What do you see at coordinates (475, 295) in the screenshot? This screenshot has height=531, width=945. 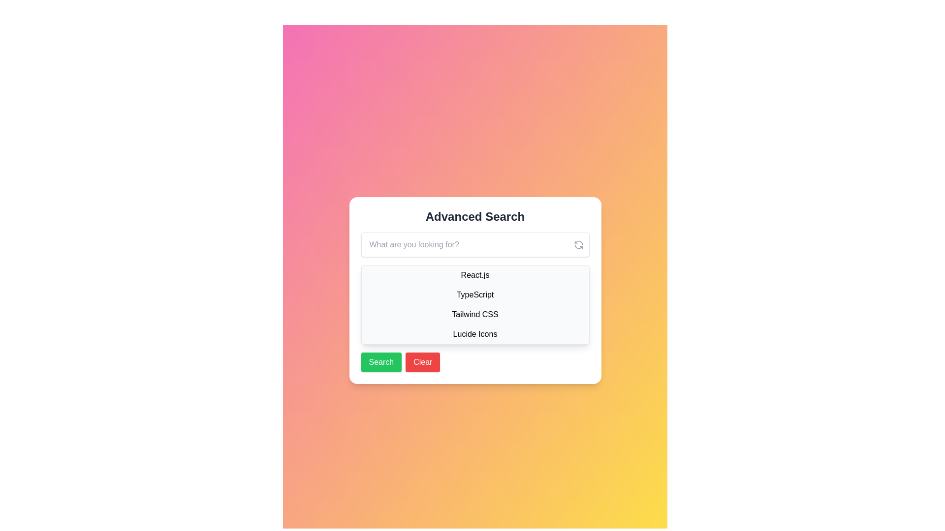 I see `to select the 'TypeScript' option from the dropdown menu, which is the second item in a vertical list of four options` at bounding box center [475, 295].